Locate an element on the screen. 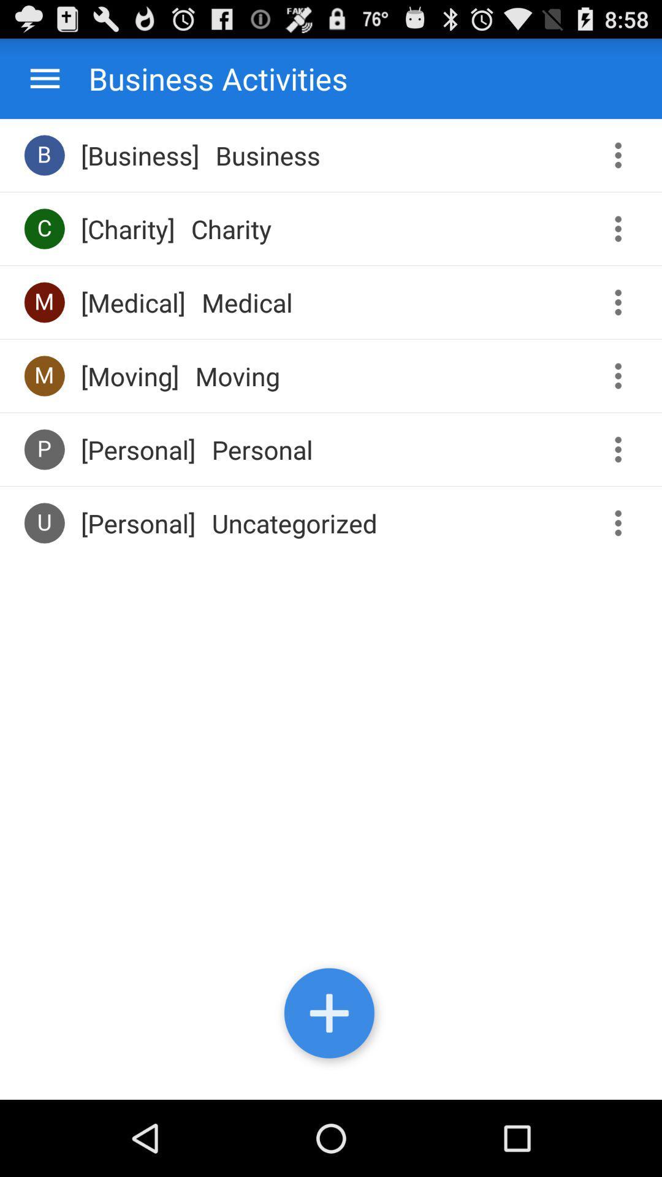  more options menu is located at coordinates (622, 449).